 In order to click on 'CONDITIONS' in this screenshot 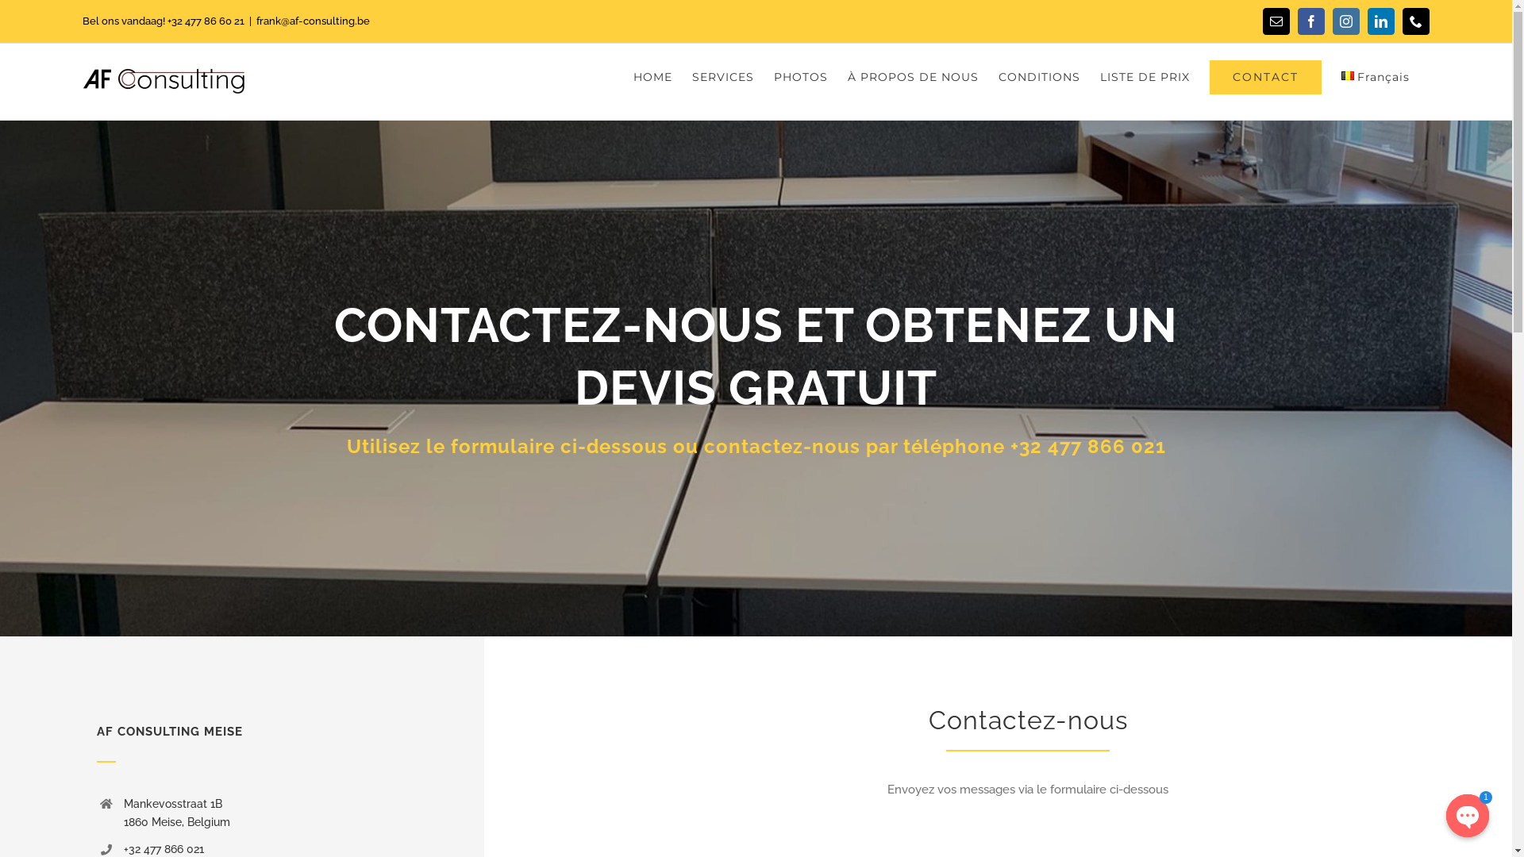, I will do `click(1039, 76)`.